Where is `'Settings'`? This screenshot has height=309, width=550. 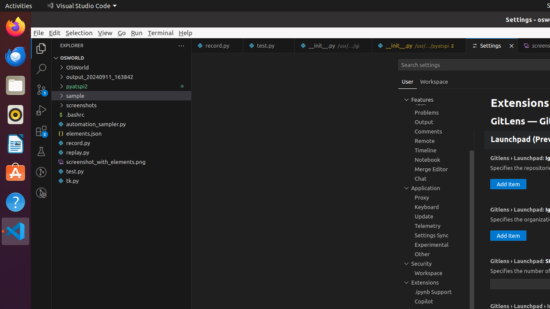
'Settings' is located at coordinates (492, 45).